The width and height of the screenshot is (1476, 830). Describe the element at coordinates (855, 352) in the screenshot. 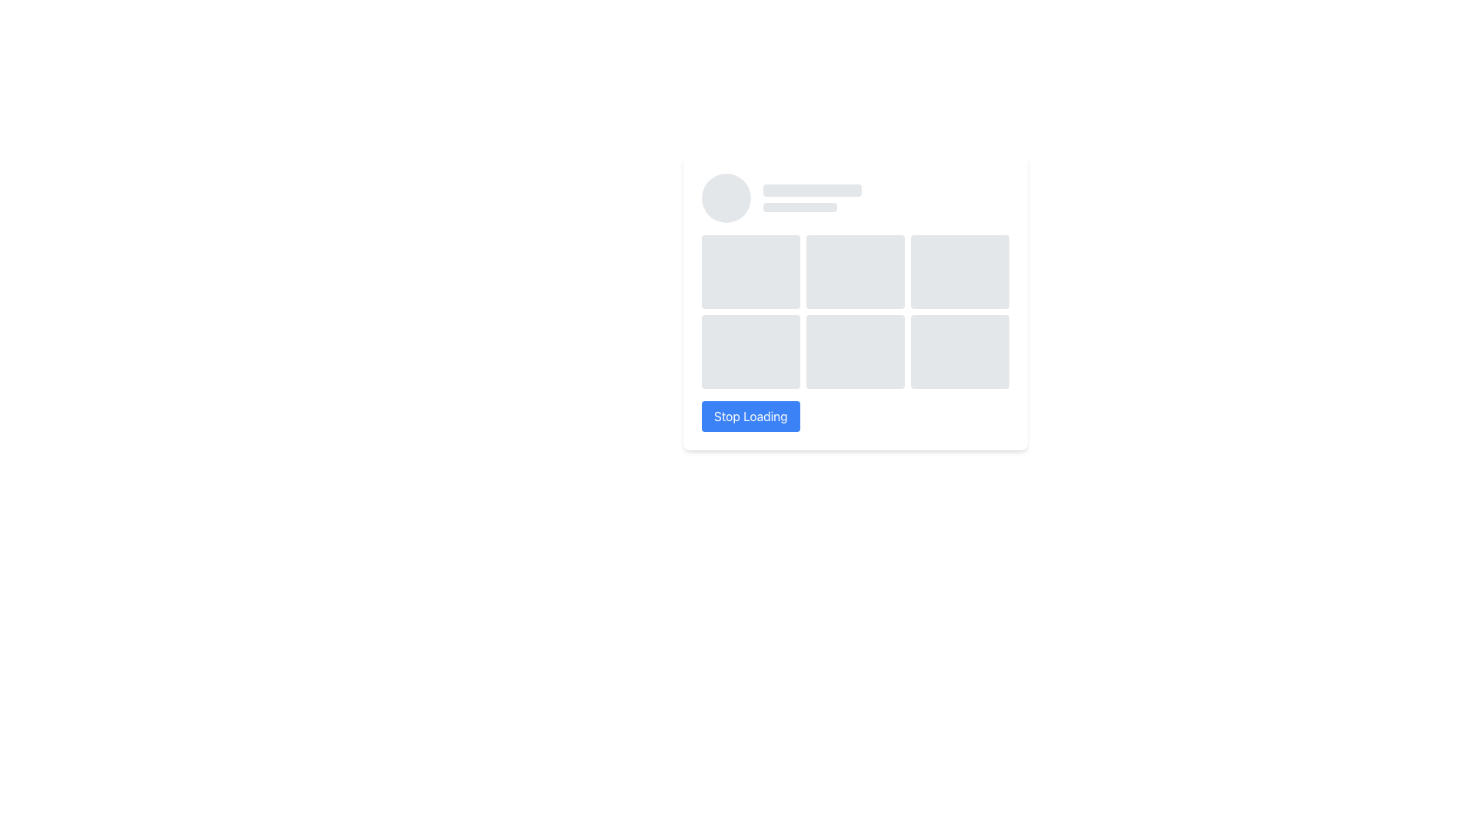

I see `the rectangular placeholder block with rounded corners and a light gray background, which indicates a loading animation, located in the middle of the second row of a grid layout` at that location.